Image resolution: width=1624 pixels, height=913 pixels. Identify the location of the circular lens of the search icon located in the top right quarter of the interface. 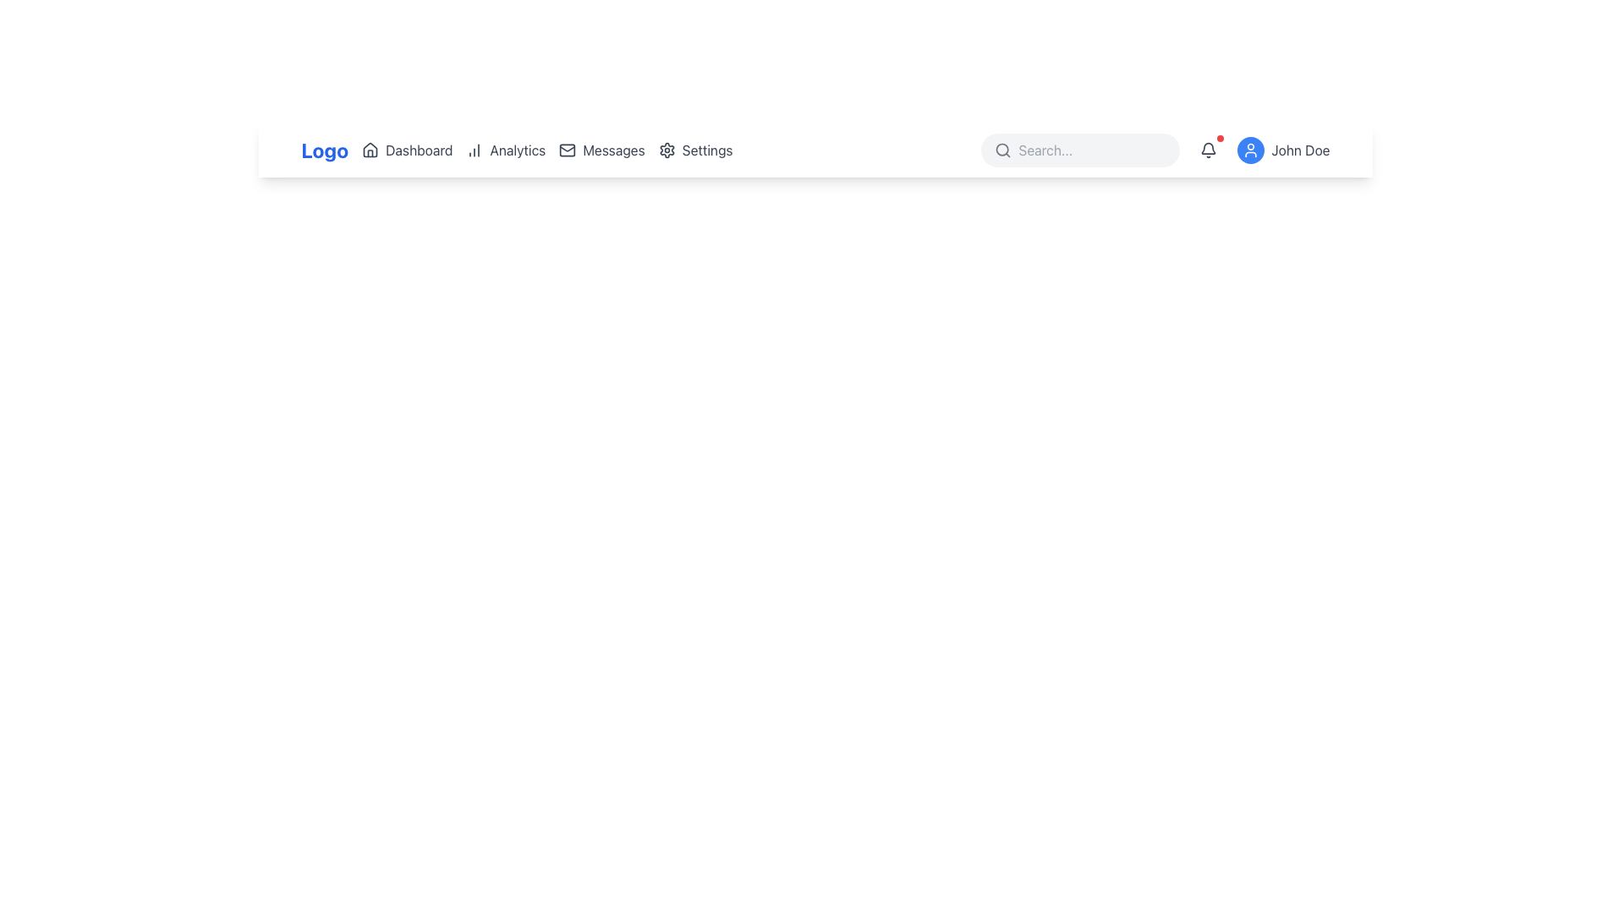
(1002, 149).